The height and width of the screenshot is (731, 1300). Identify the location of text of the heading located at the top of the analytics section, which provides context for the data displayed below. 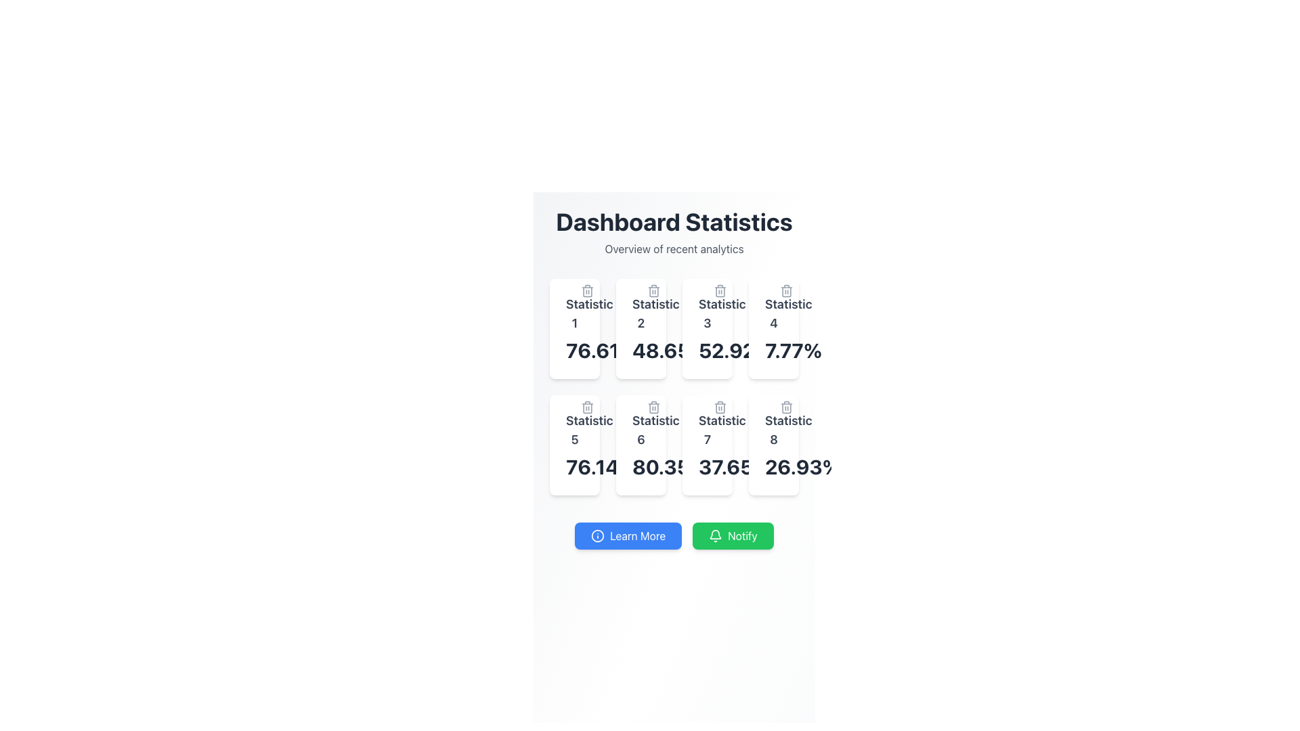
(674, 231).